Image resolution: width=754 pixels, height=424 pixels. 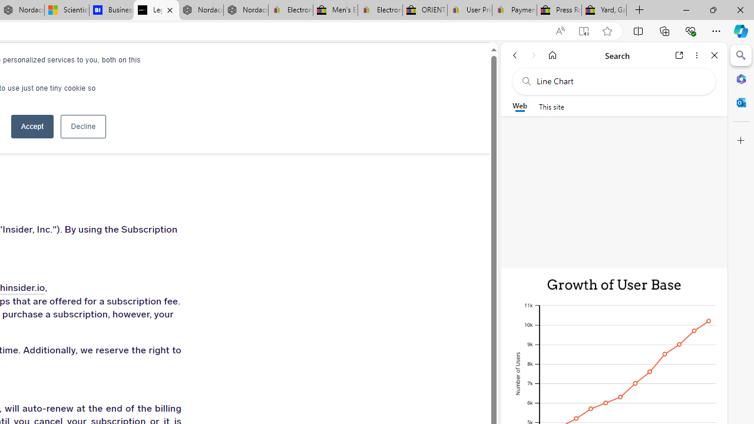 What do you see at coordinates (740, 55) in the screenshot?
I see `'Minimize Search pane'` at bounding box center [740, 55].